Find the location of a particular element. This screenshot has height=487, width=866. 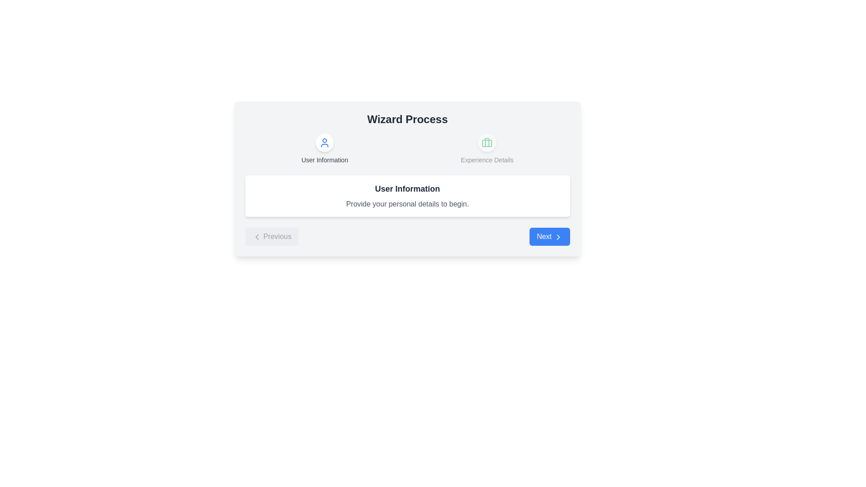

the navigation button located in the bottom-right corner of the main card interface to trigger visual feedback is located at coordinates (549, 236).